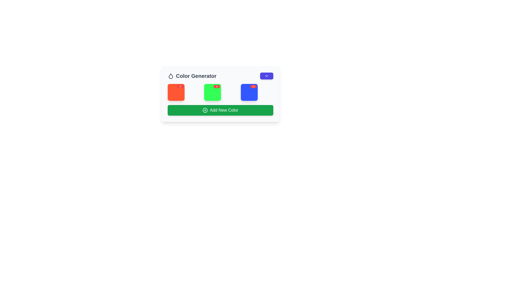  Describe the element at coordinates (253, 86) in the screenshot. I see `the small red circular badge with a white 'X' icon located in the top-right corner of the blue square card` at that location.